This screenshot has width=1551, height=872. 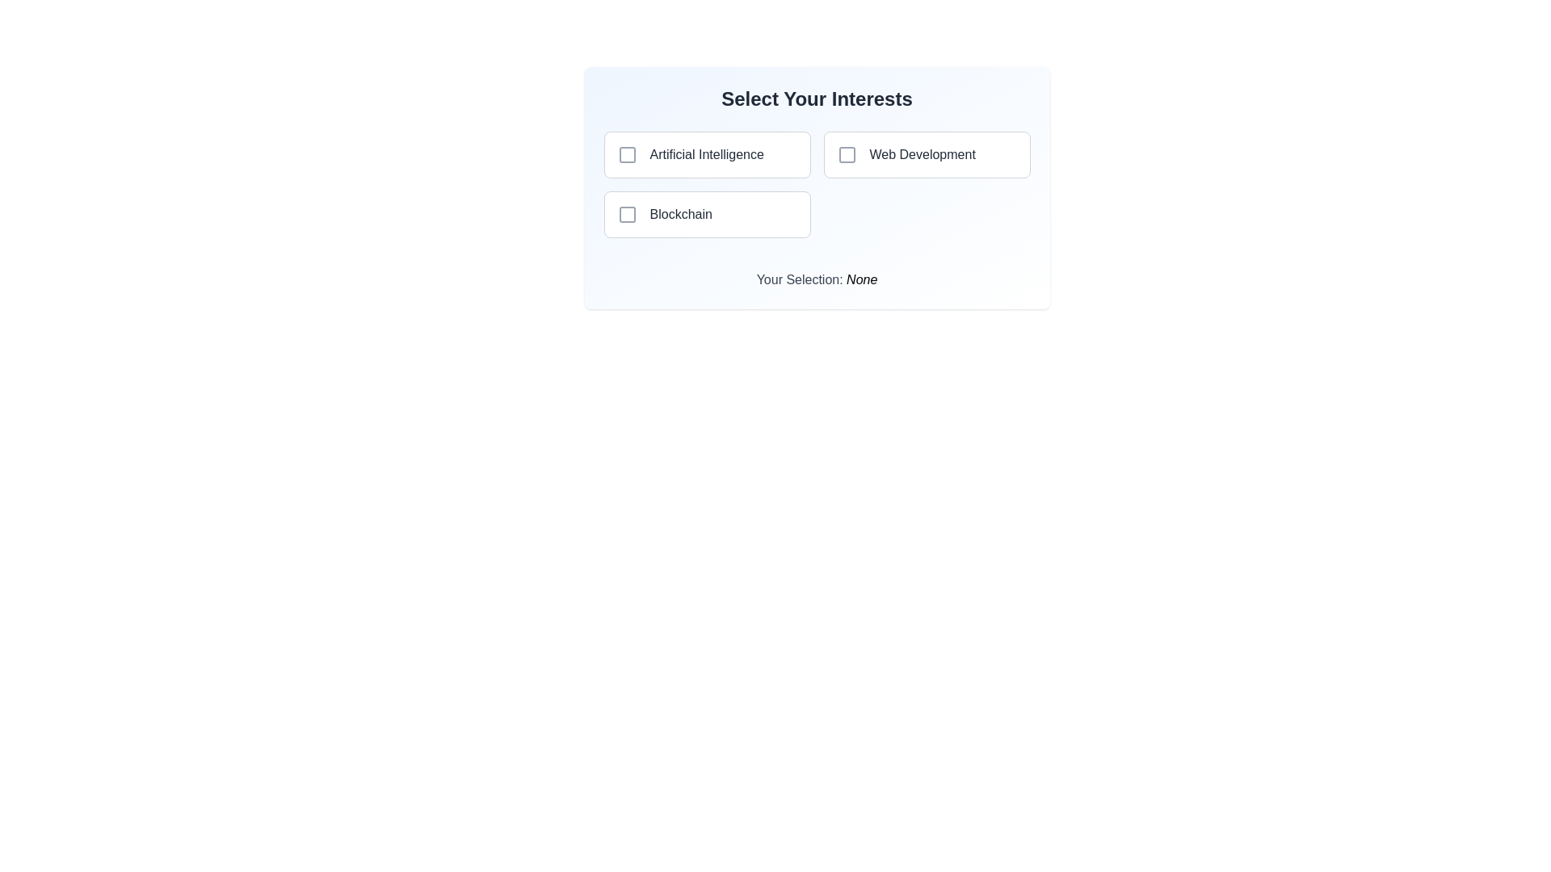 I want to click on the checkbox labeled 'Web Development', so click(x=927, y=155).